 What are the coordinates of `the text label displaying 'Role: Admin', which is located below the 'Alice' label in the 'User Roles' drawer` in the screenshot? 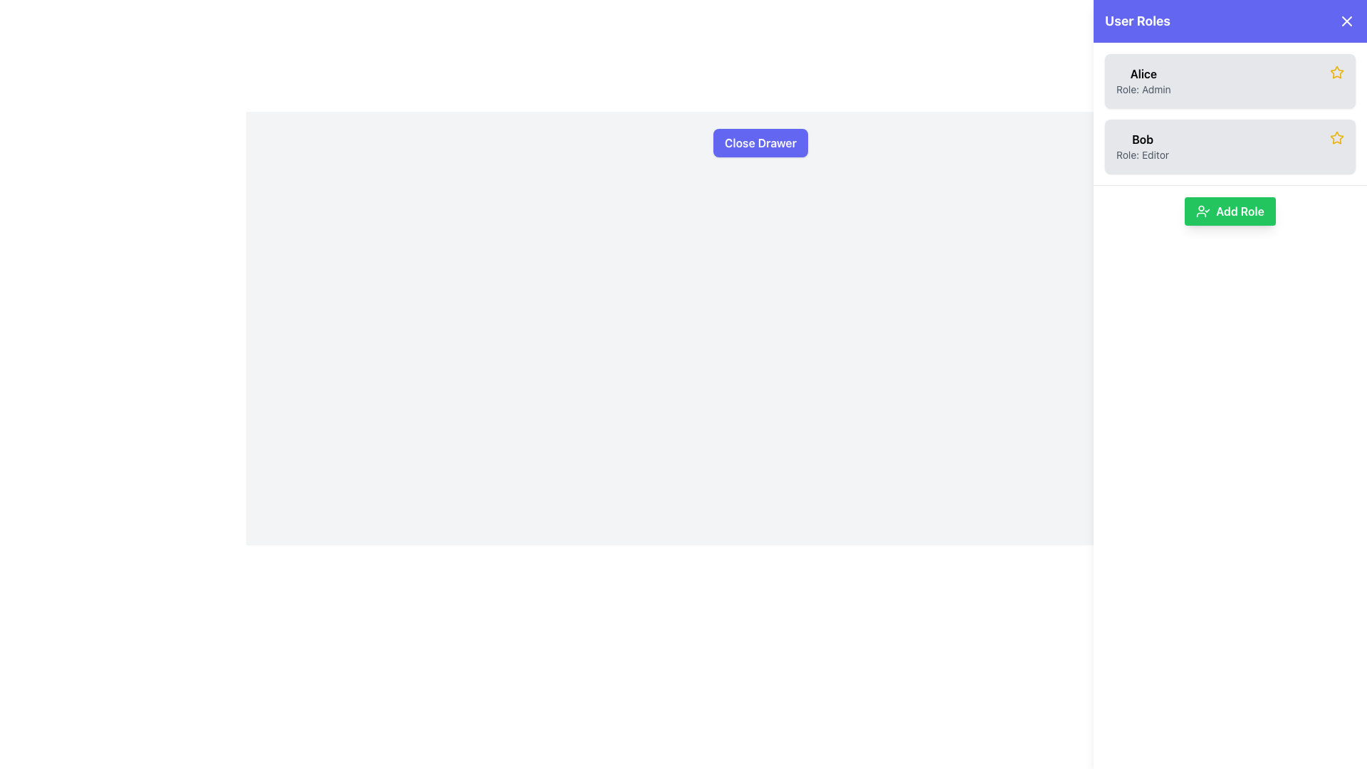 It's located at (1143, 90).